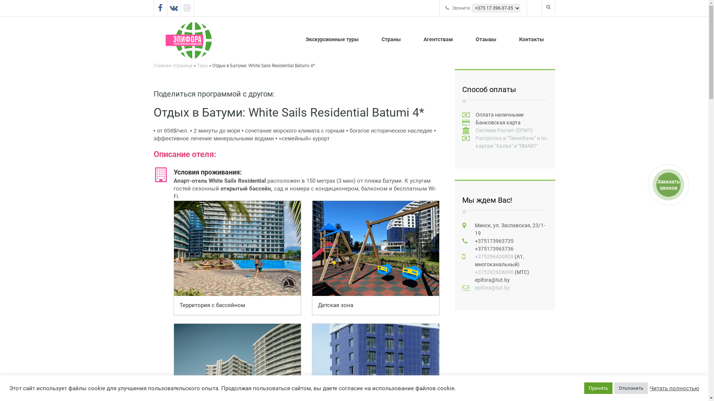 This screenshot has width=714, height=401. I want to click on '+375296400808', so click(494, 256).